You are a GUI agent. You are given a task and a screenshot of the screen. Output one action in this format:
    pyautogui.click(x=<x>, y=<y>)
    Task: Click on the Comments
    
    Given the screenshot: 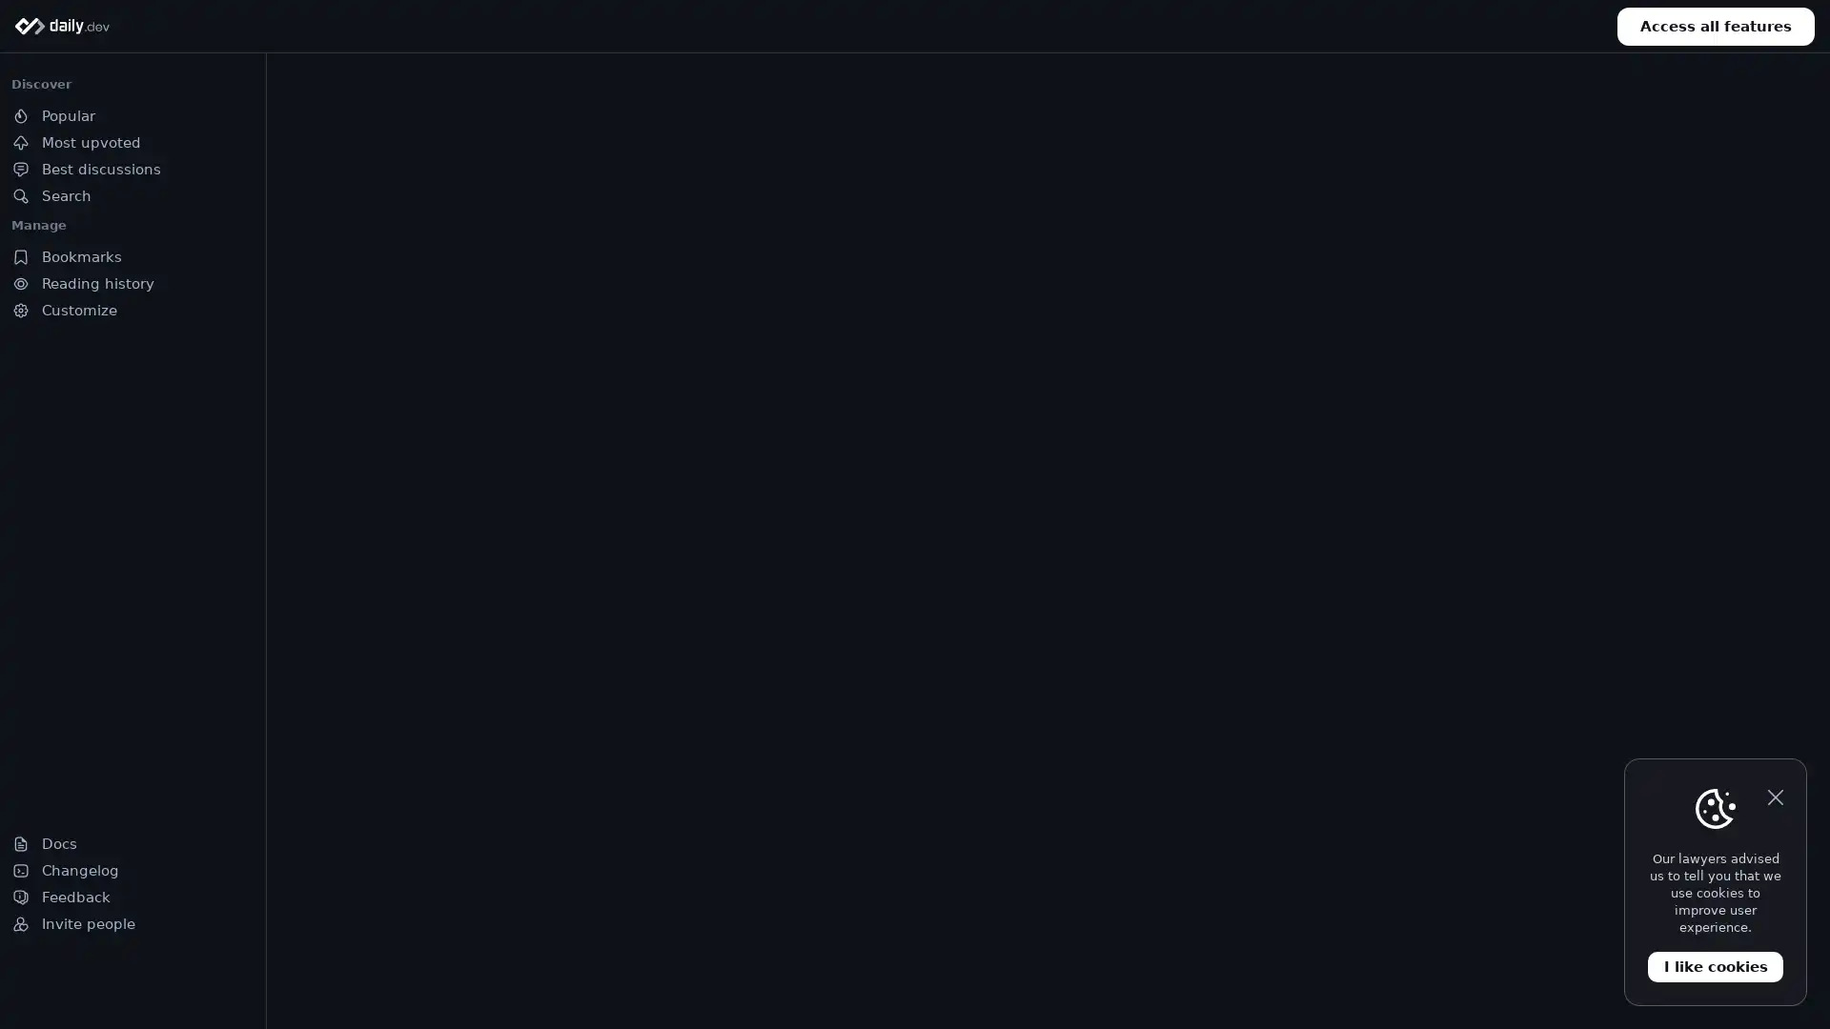 What is the action you would take?
    pyautogui.click(x=1551, y=929)
    